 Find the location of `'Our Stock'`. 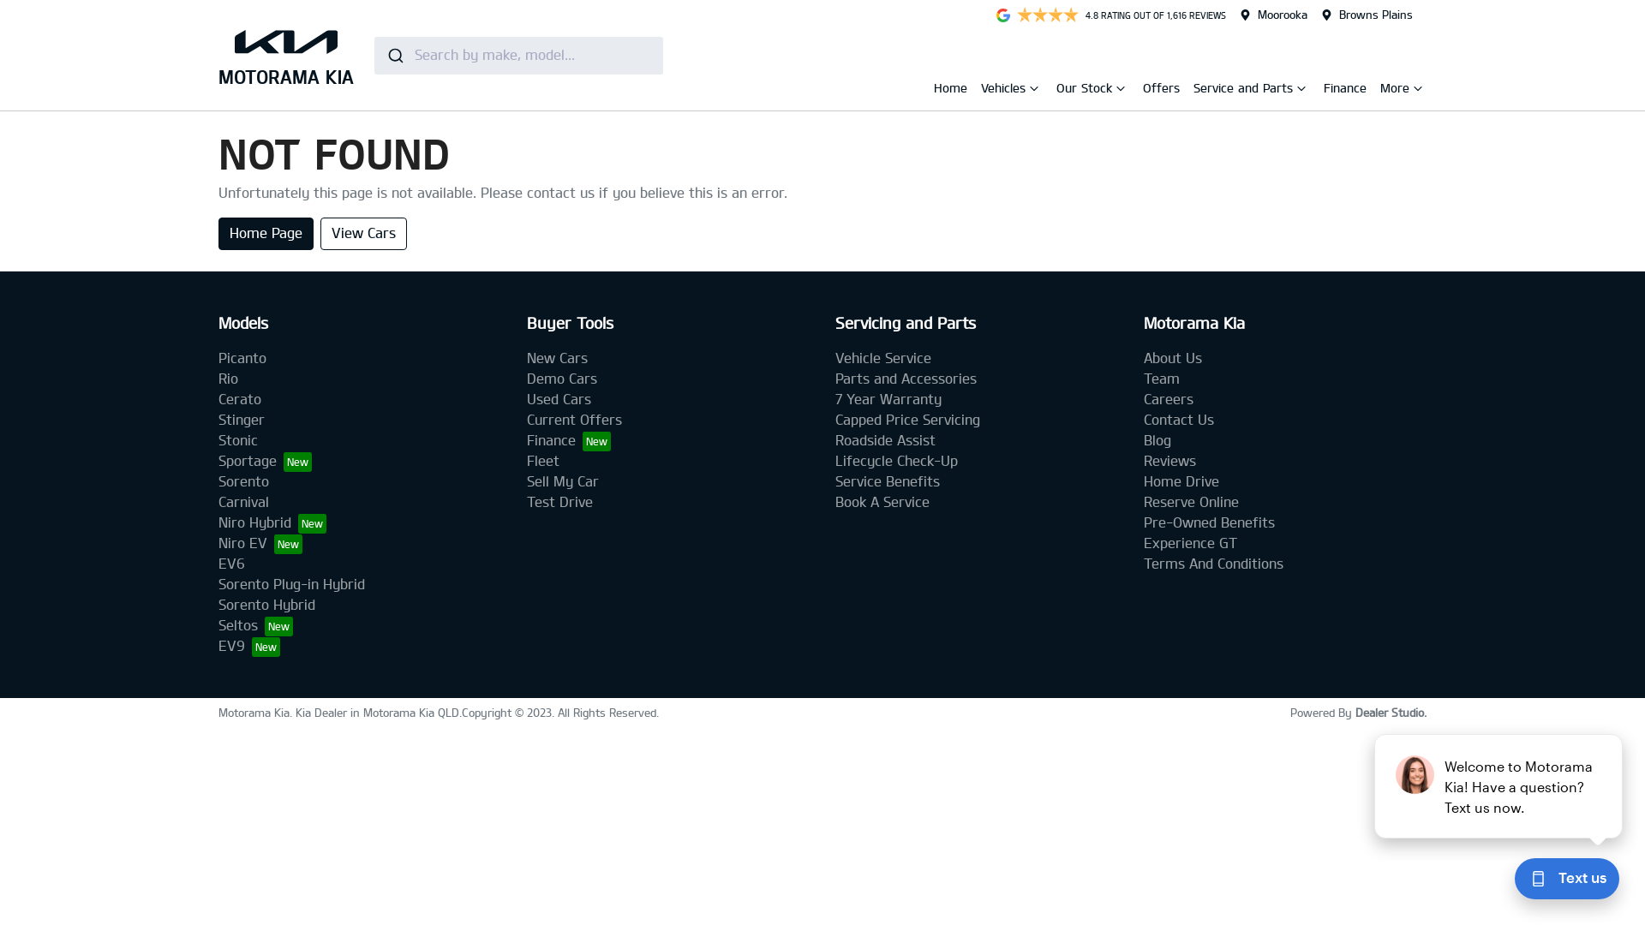

'Our Stock' is located at coordinates (1085, 91).